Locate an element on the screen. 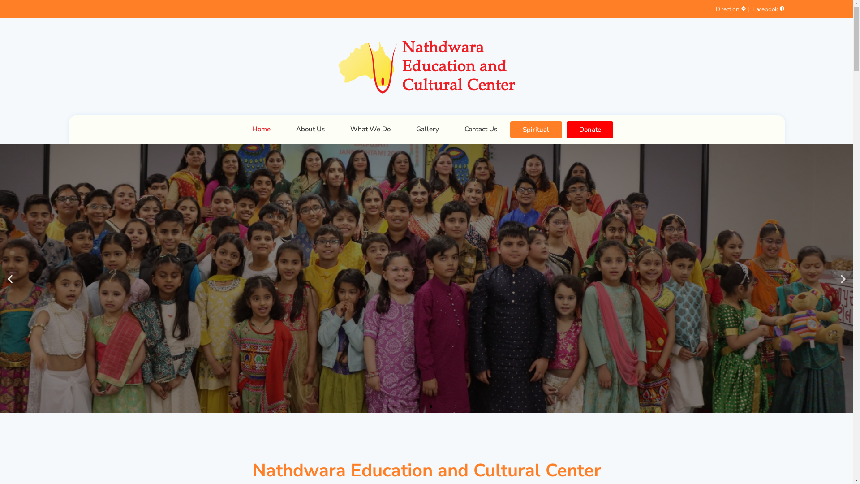 This screenshot has width=860, height=484. 'Gallery' is located at coordinates (427, 129).